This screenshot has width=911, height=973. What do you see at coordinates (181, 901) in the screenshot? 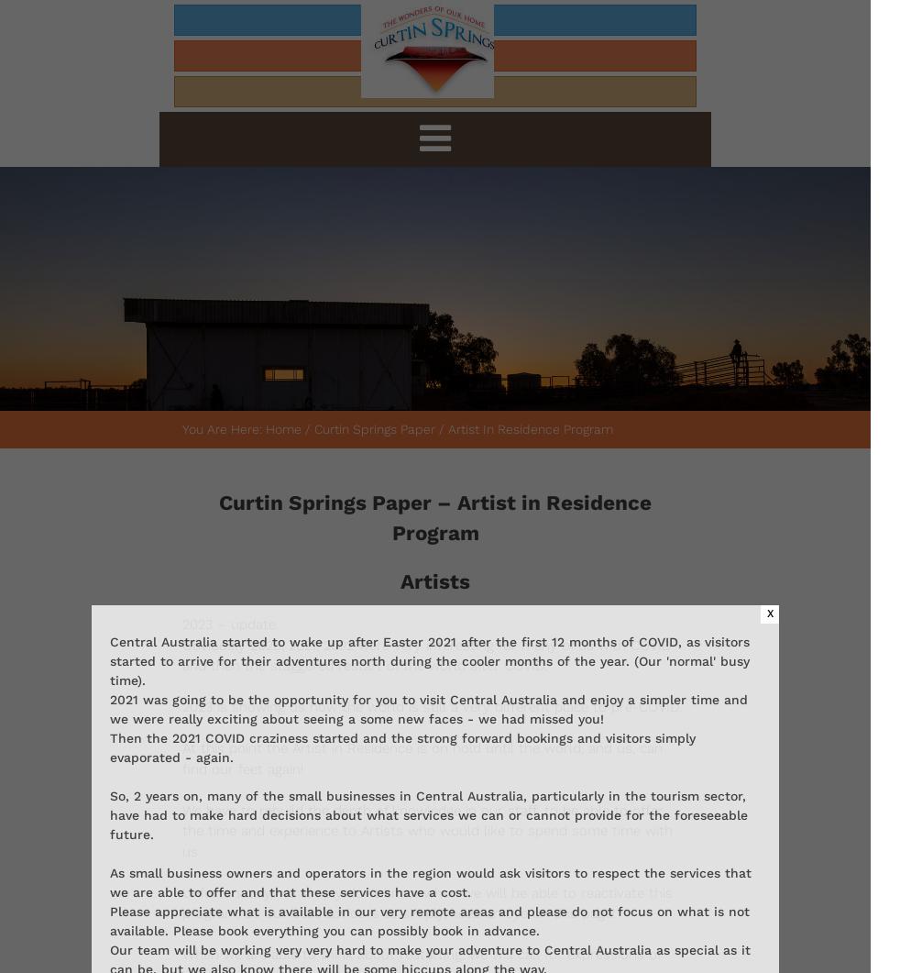
I see `'Unfortunately, we simply don’t know when we will be able to reactivate this program, so our best advice is to simply, keep an eye on this page!'` at bounding box center [181, 901].